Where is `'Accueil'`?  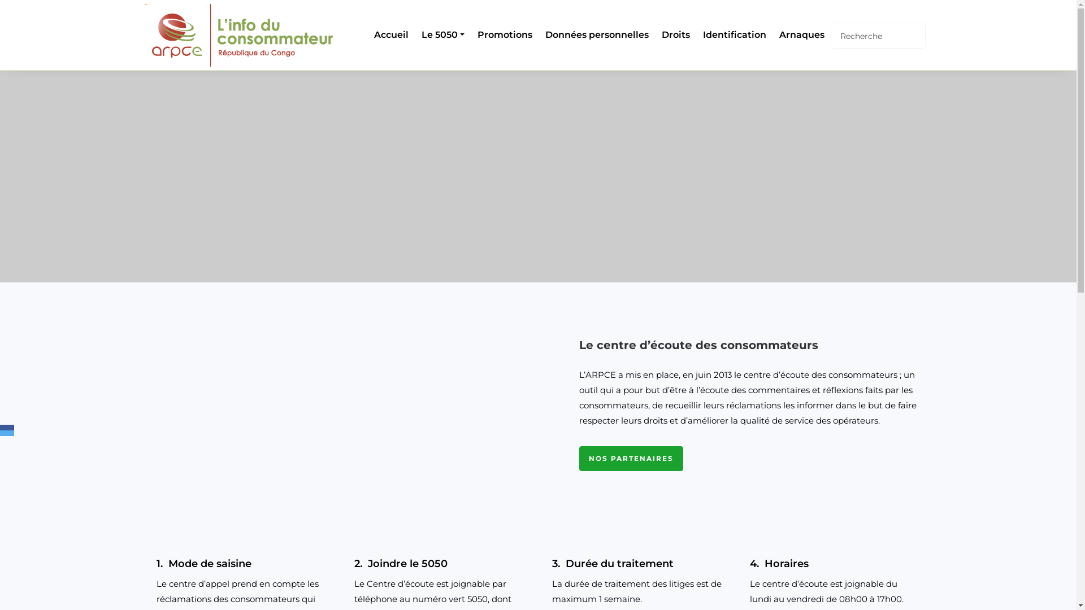 'Accueil' is located at coordinates (389, 34).